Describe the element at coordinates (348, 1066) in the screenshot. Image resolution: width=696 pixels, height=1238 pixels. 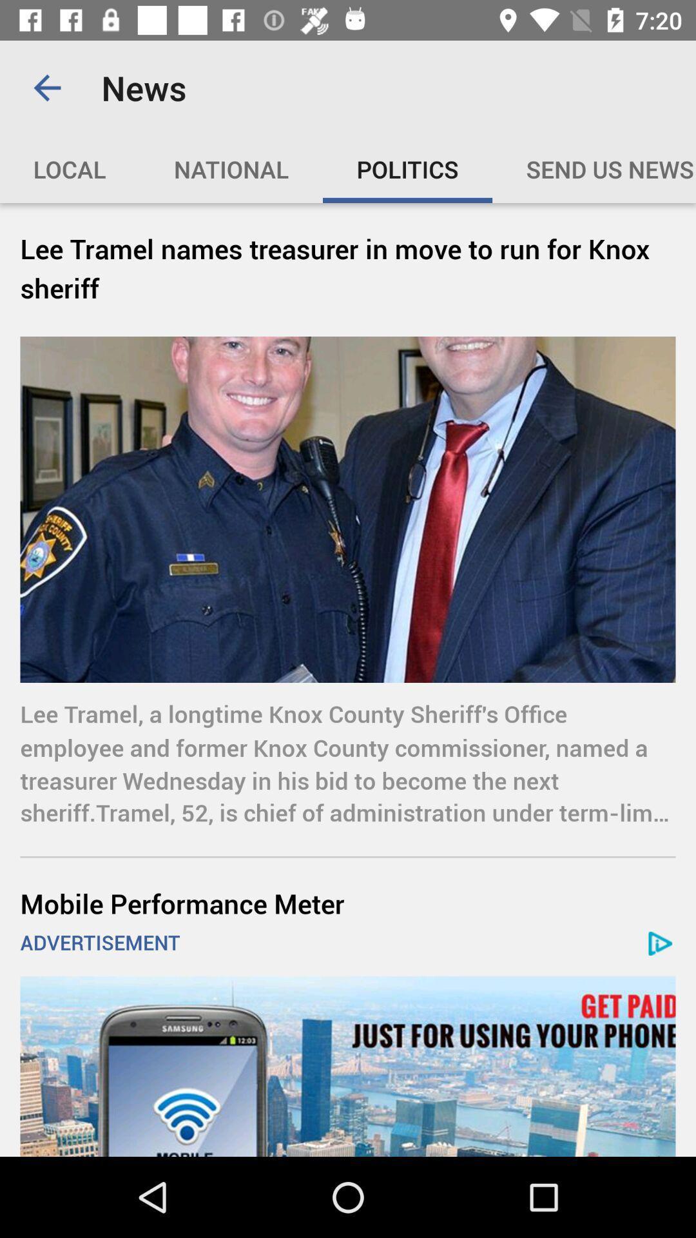
I see `open advertisement` at that location.